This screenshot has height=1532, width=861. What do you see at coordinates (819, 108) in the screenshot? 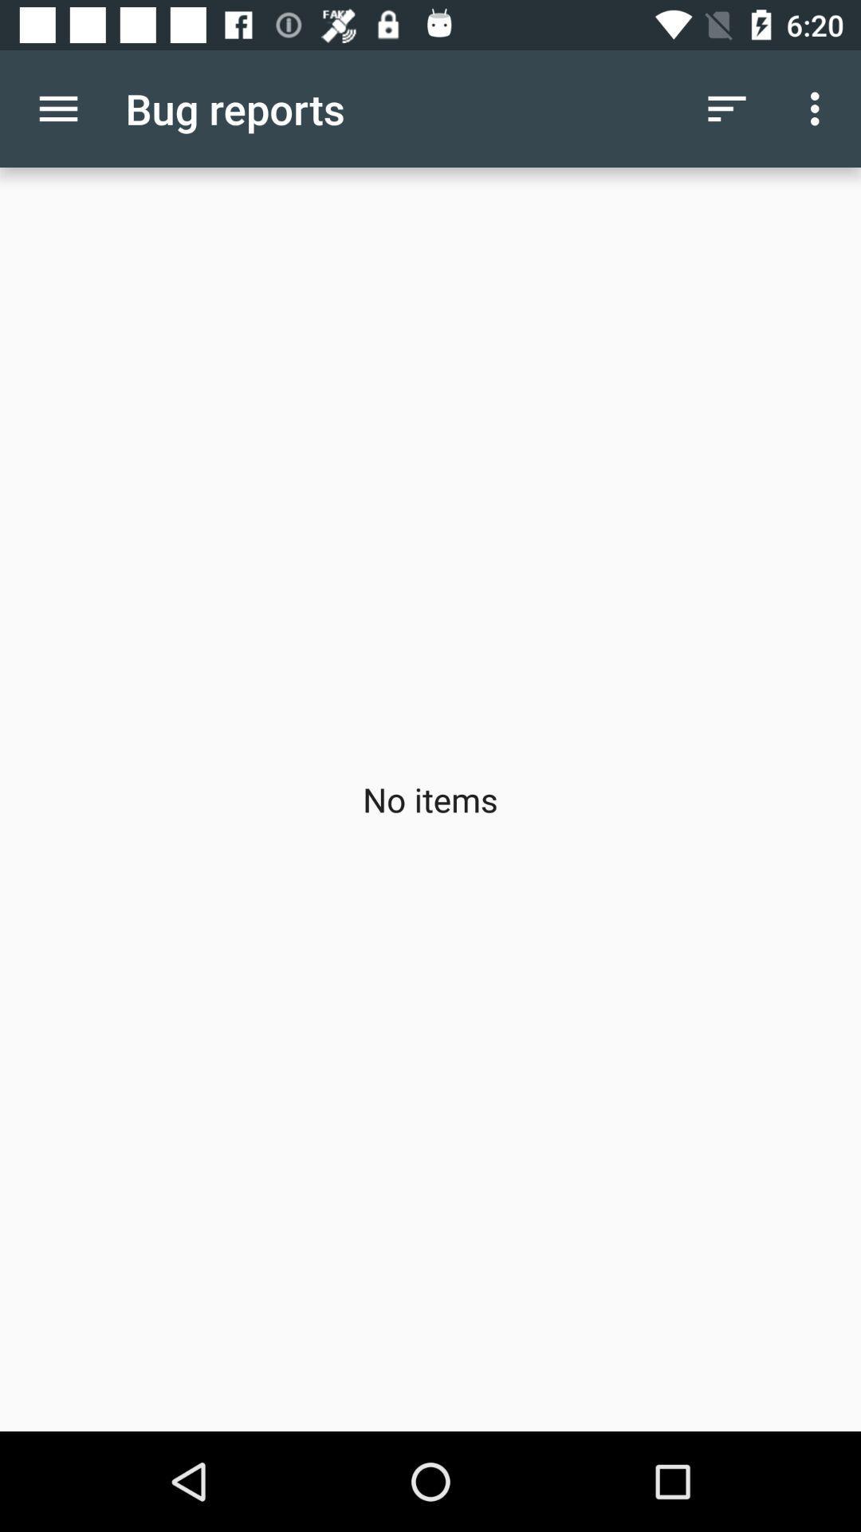
I see `item above no items icon` at bounding box center [819, 108].